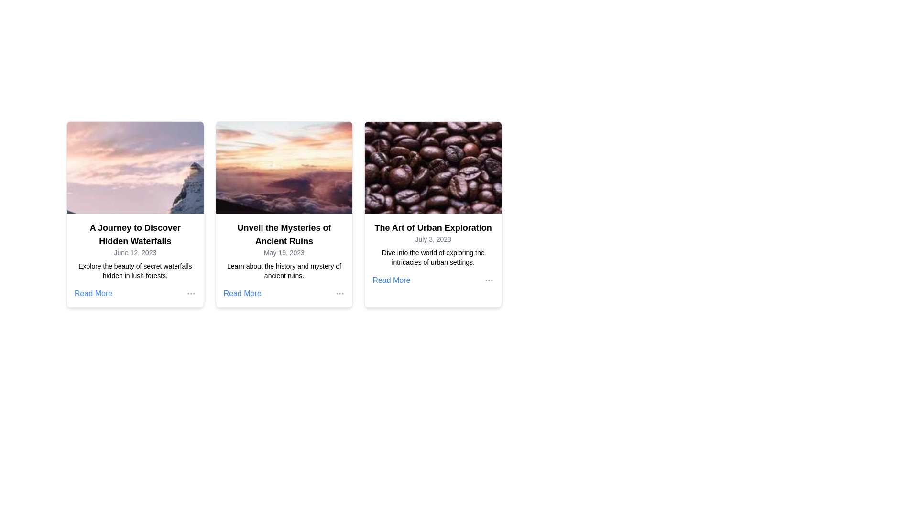 The height and width of the screenshot is (516, 918). Describe the element at coordinates (134, 234) in the screenshot. I see `the title text element 'A Journey to Discover Hidden Waterfalls', which is a bold, large-font header located at the top of the first card in a row of cards` at that location.